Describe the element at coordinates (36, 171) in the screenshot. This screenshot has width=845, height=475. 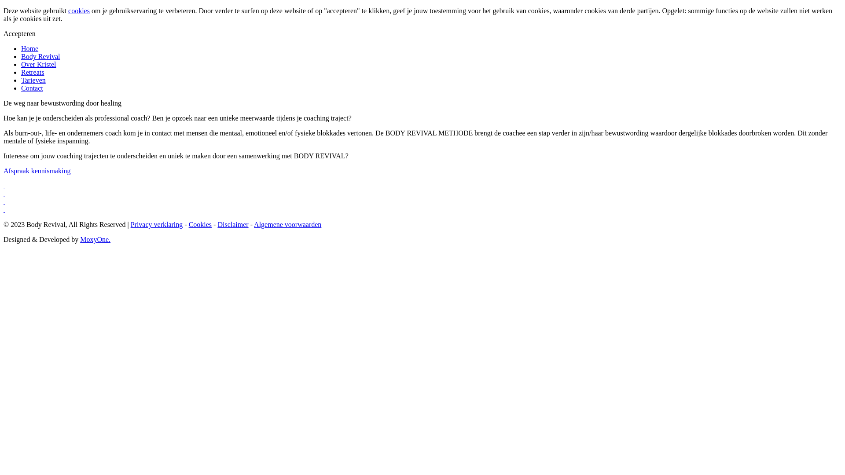
I see `'Afspraak kennismaking'` at that location.